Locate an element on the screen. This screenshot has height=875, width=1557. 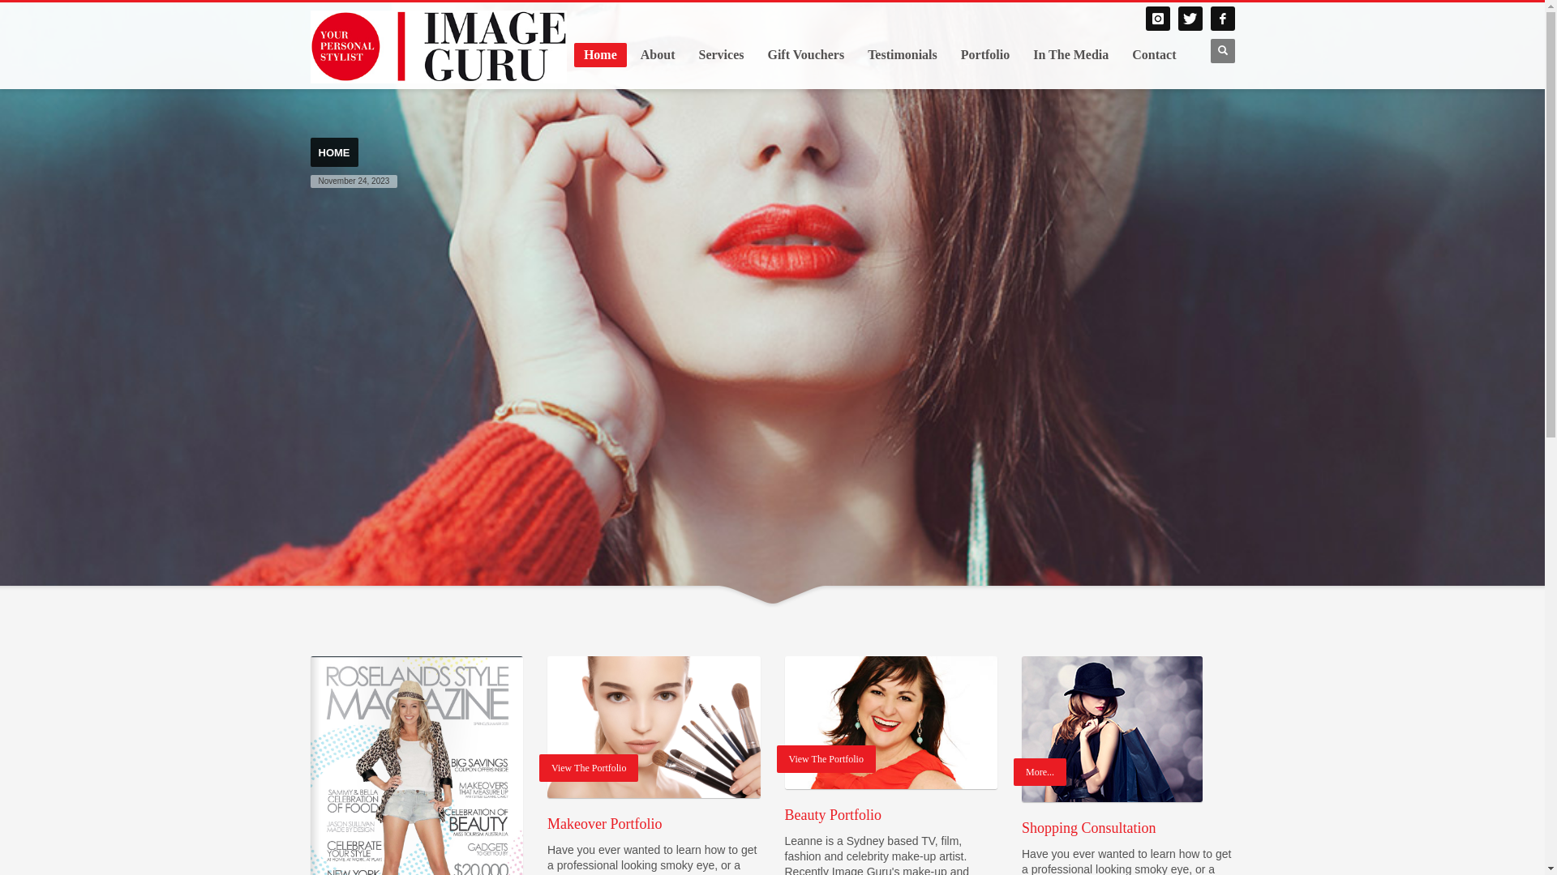
'Instagram' is located at coordinates (1156, 19).